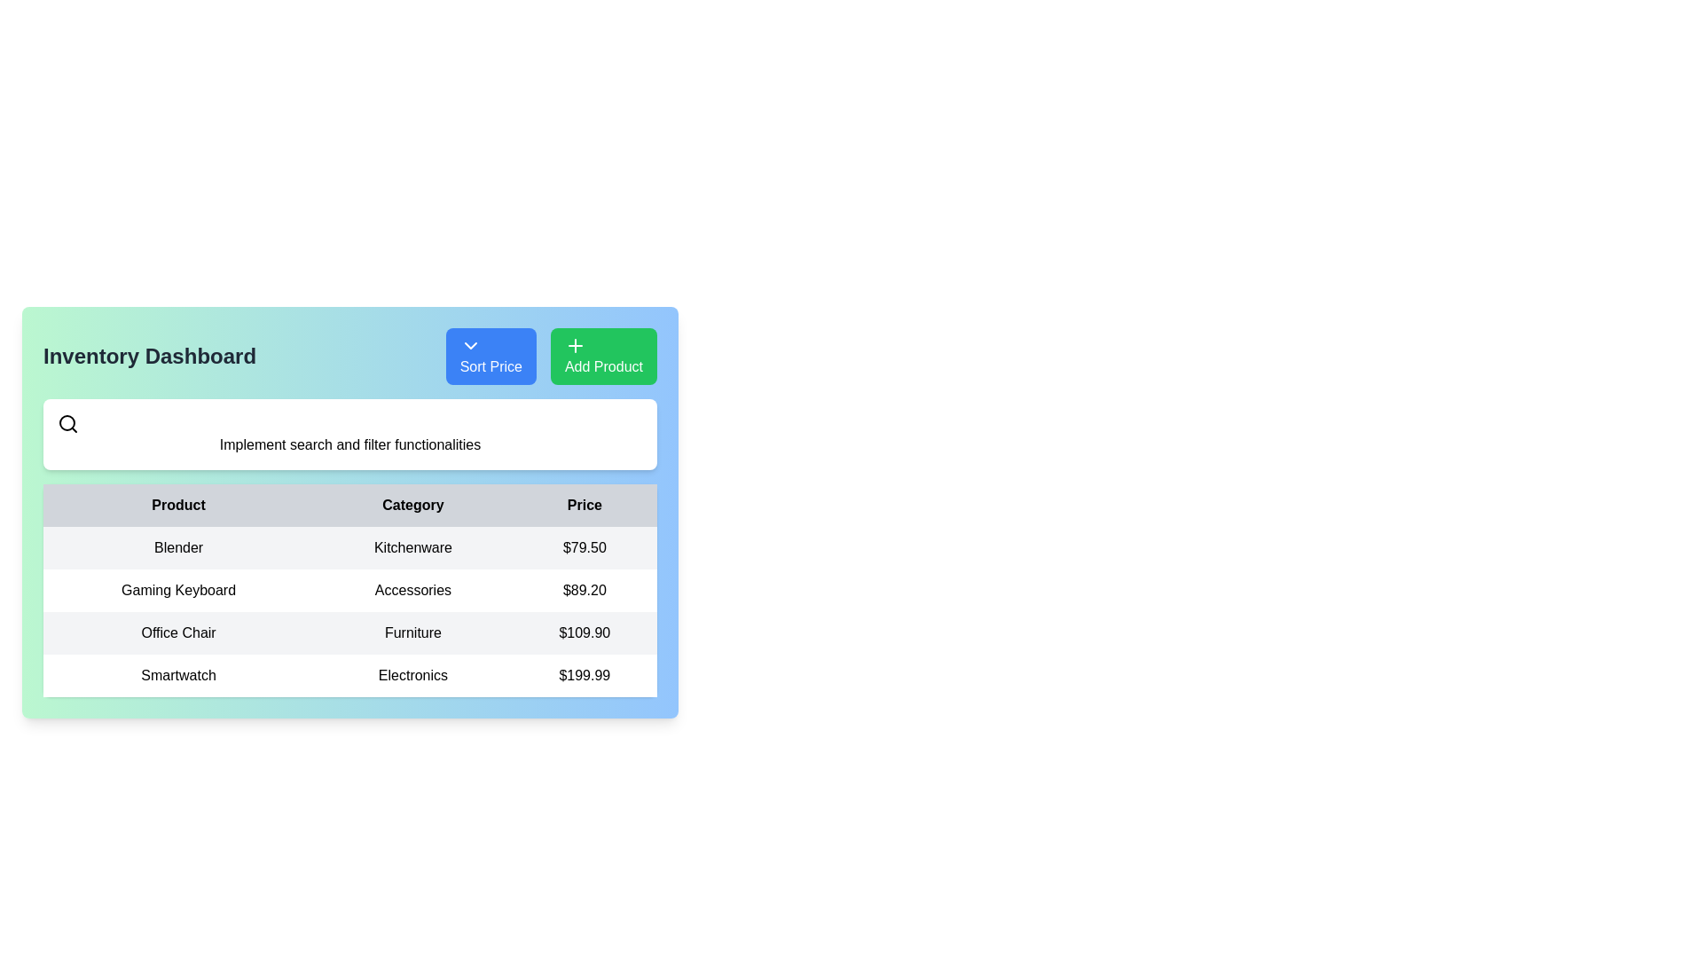 The height and width of the screenshot is (958, 1703). Describe the element at coordinates (412, 591) in the screenshot. I see `the static text label 'Accessories' located in the 'Category' column of the second row of the table, positioned between 'Gaming Keyboard' and '$89.20'` at that location.